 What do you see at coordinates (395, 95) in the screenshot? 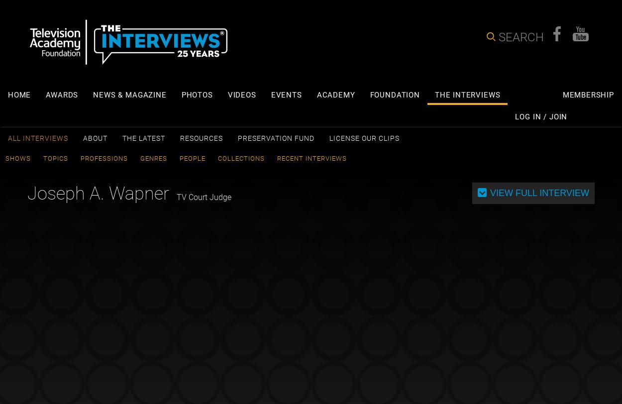
I see `'Foundation'` at bounding box center [395, 95].